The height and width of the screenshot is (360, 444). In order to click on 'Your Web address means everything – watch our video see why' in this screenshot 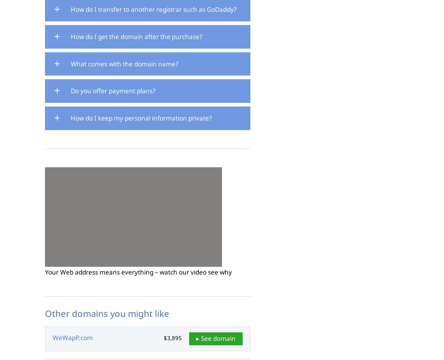, I will do `click(45, 272)`.